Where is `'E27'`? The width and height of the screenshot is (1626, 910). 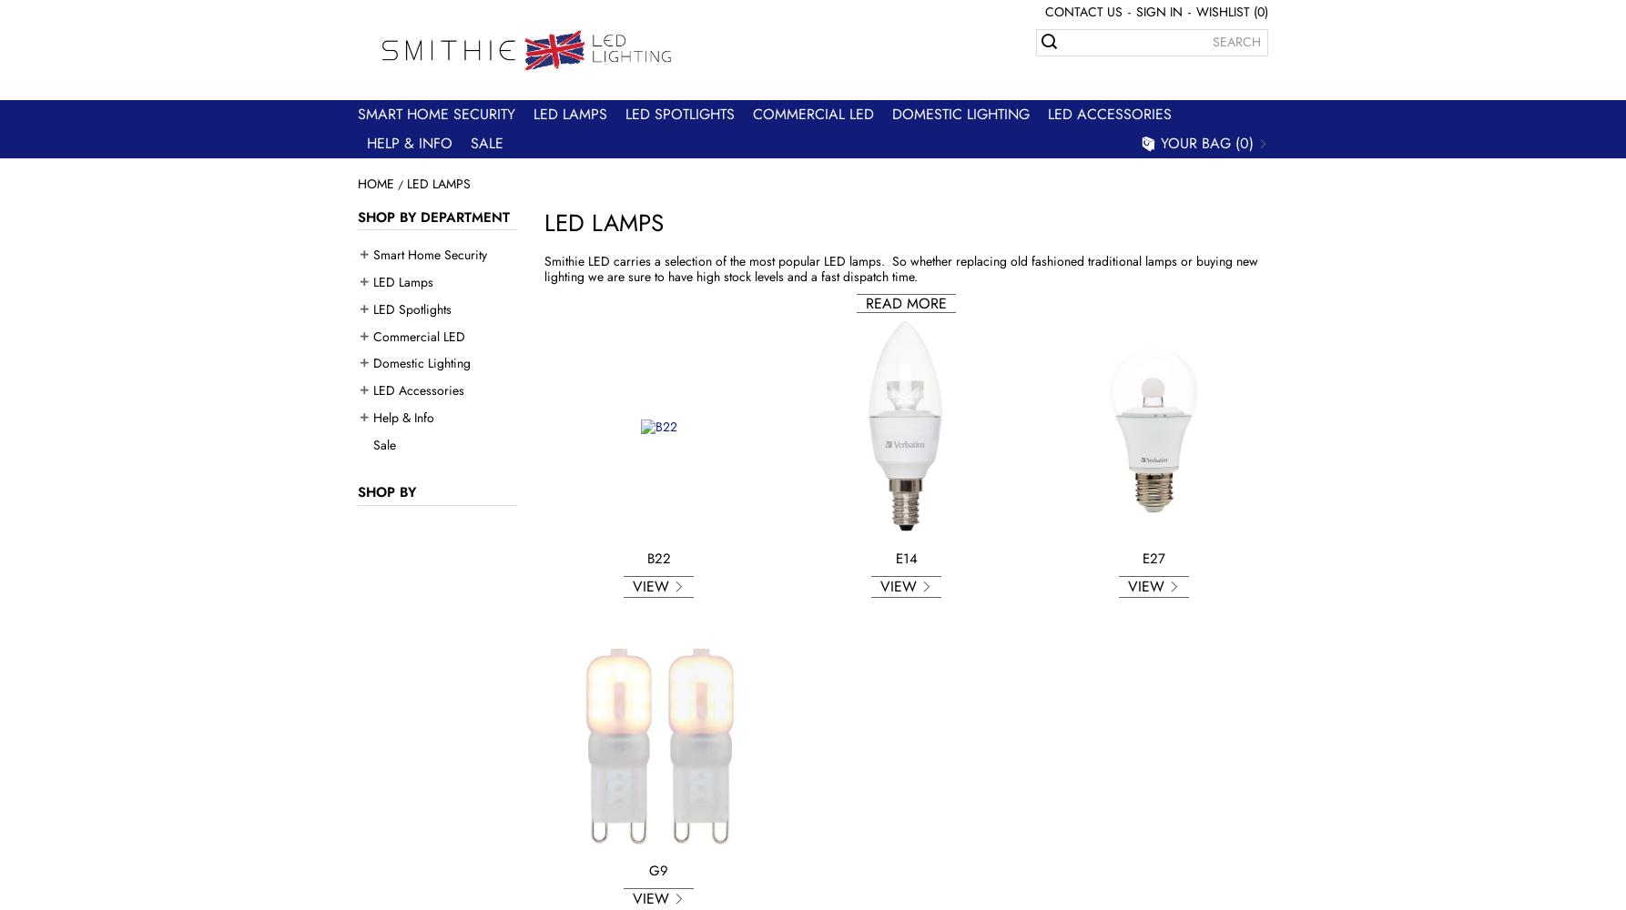
'E27' is located at coordinates (1153, 558).